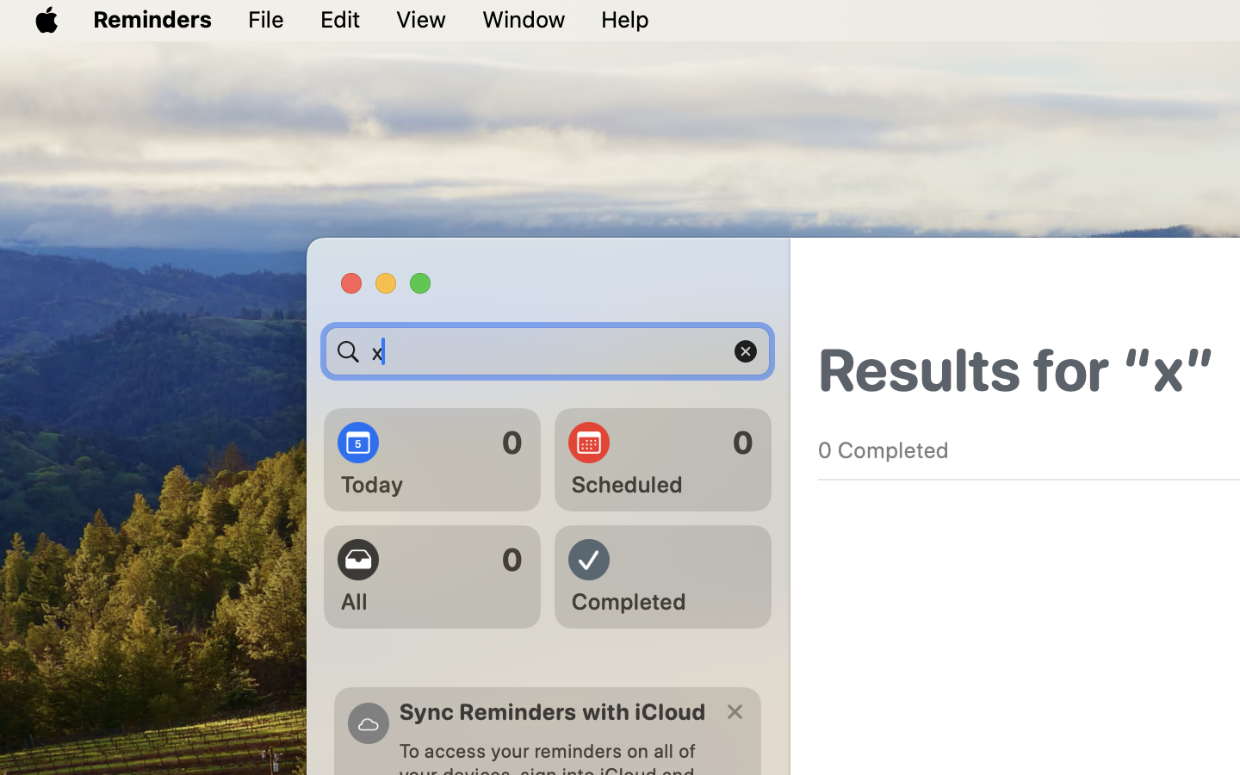 This screenshot has width=1240, height=775. Describe the element at coordinates (883, 449) in the screenshot. I see `'0 Completed'` at that location.